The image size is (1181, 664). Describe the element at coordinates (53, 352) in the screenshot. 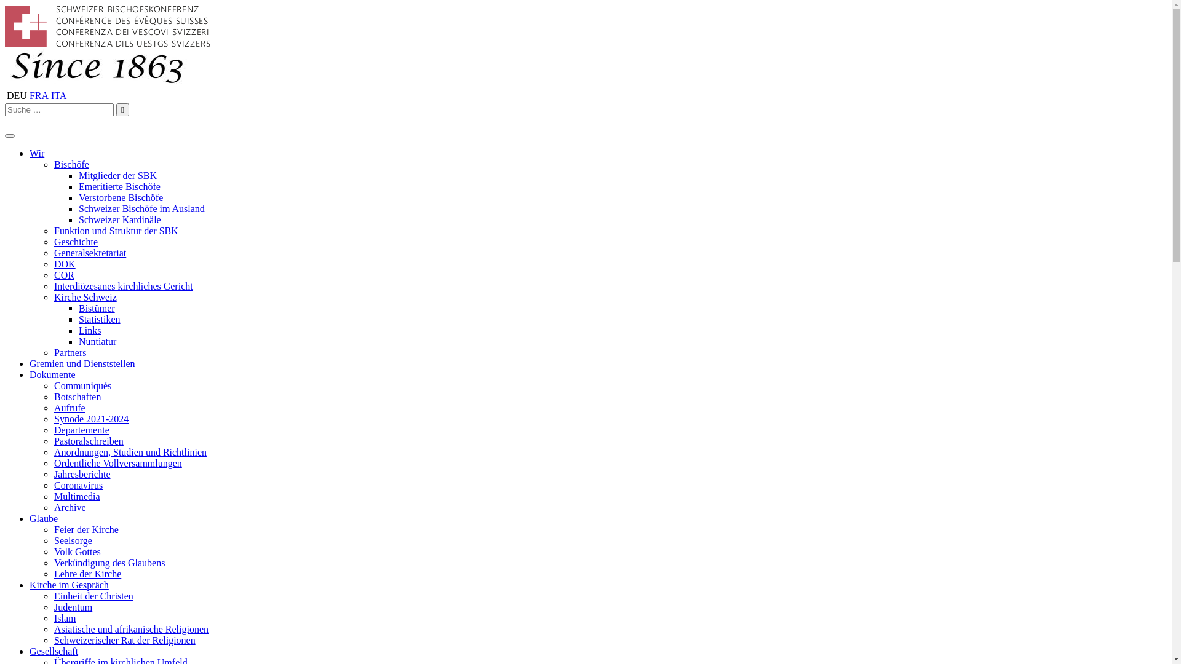

I see `'Partners'` at that location.